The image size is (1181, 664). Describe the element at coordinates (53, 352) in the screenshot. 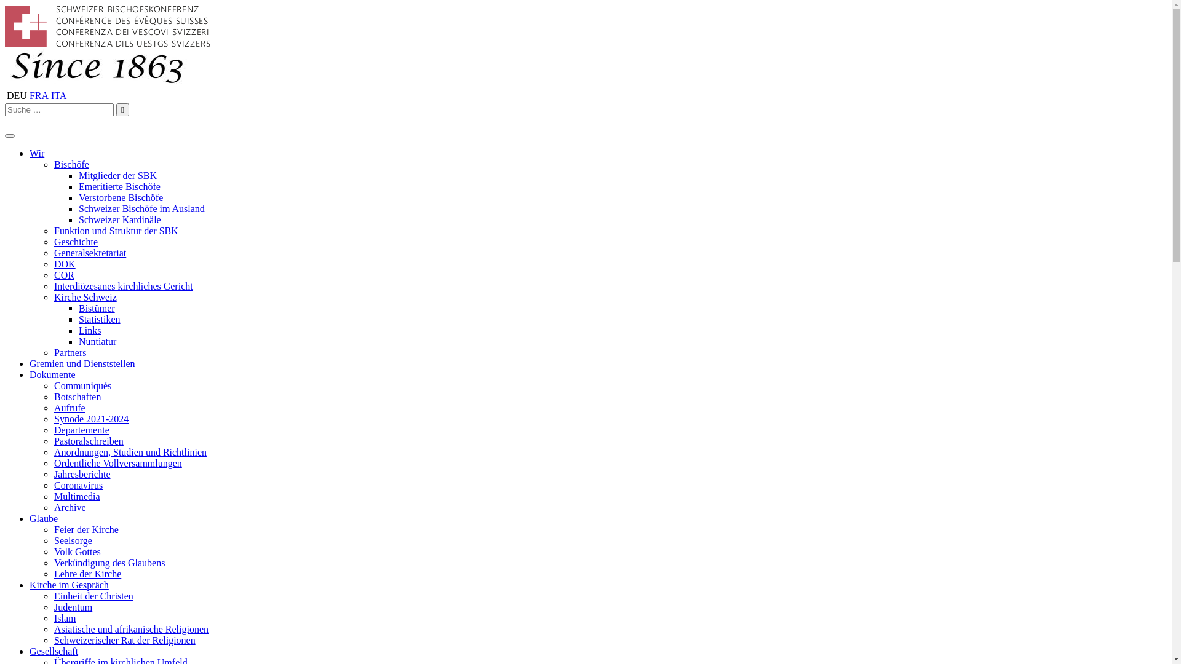

I see `'Partners'` at that location.